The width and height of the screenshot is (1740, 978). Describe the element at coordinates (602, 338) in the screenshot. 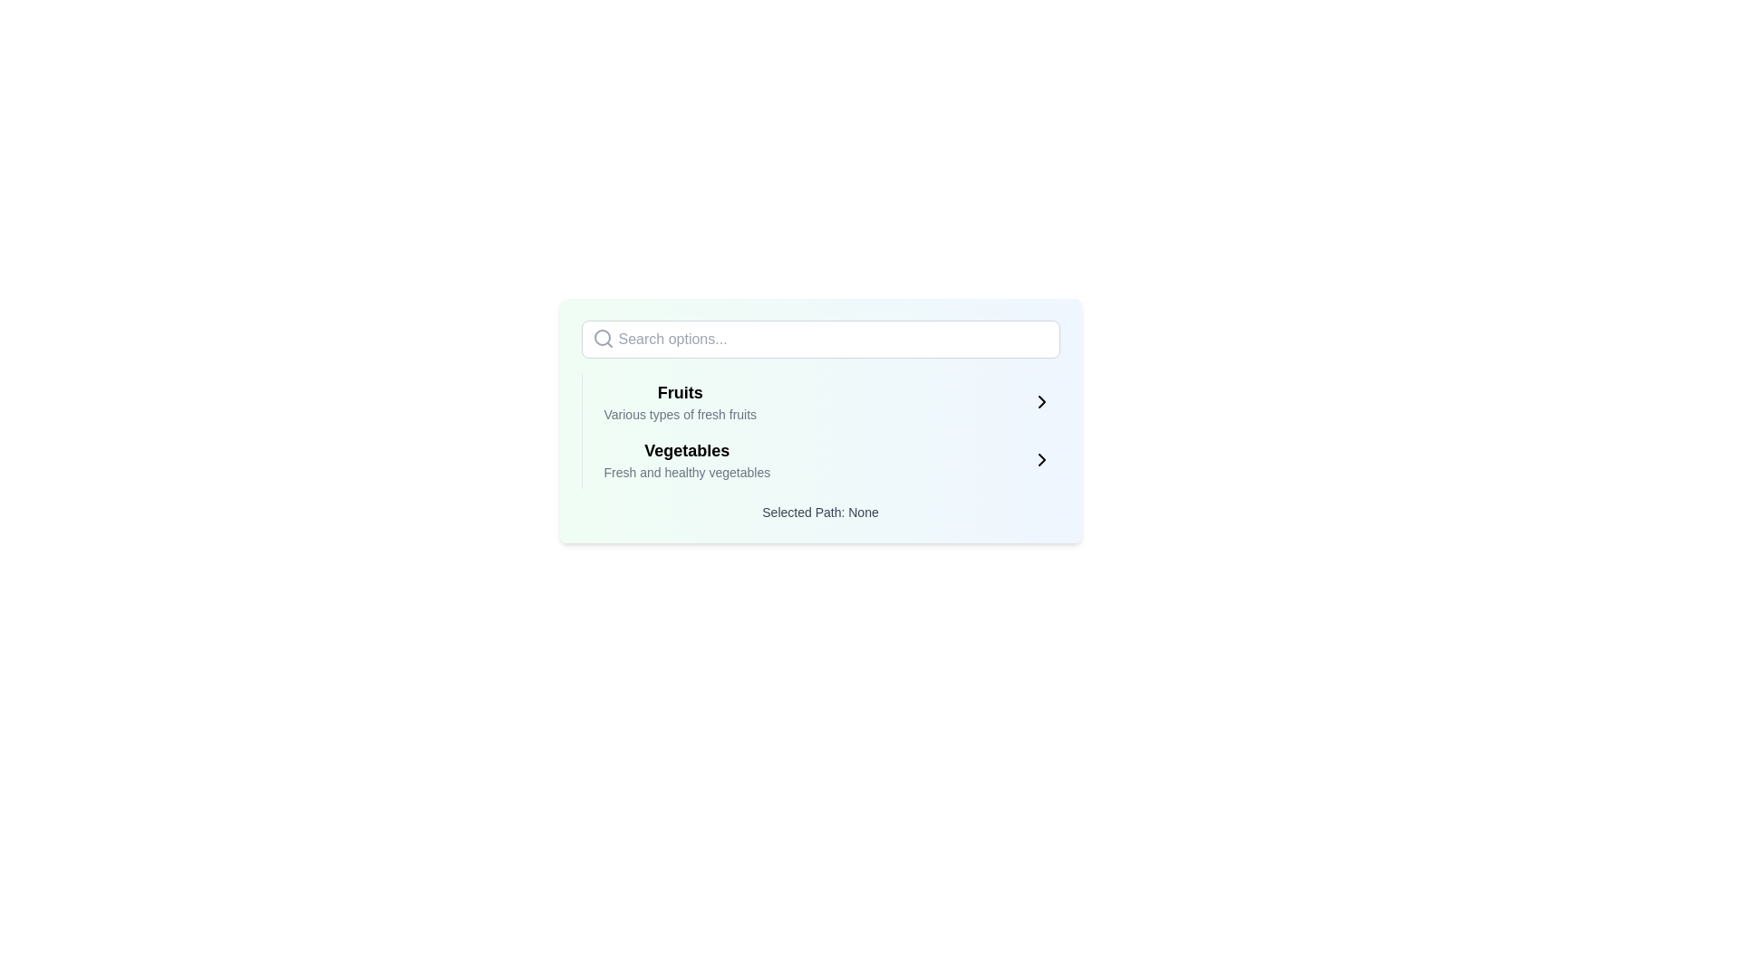

I see `the circular portion of the magnifying glass icon, which represents the lens and is located at the left edge of the search input field` at that location.